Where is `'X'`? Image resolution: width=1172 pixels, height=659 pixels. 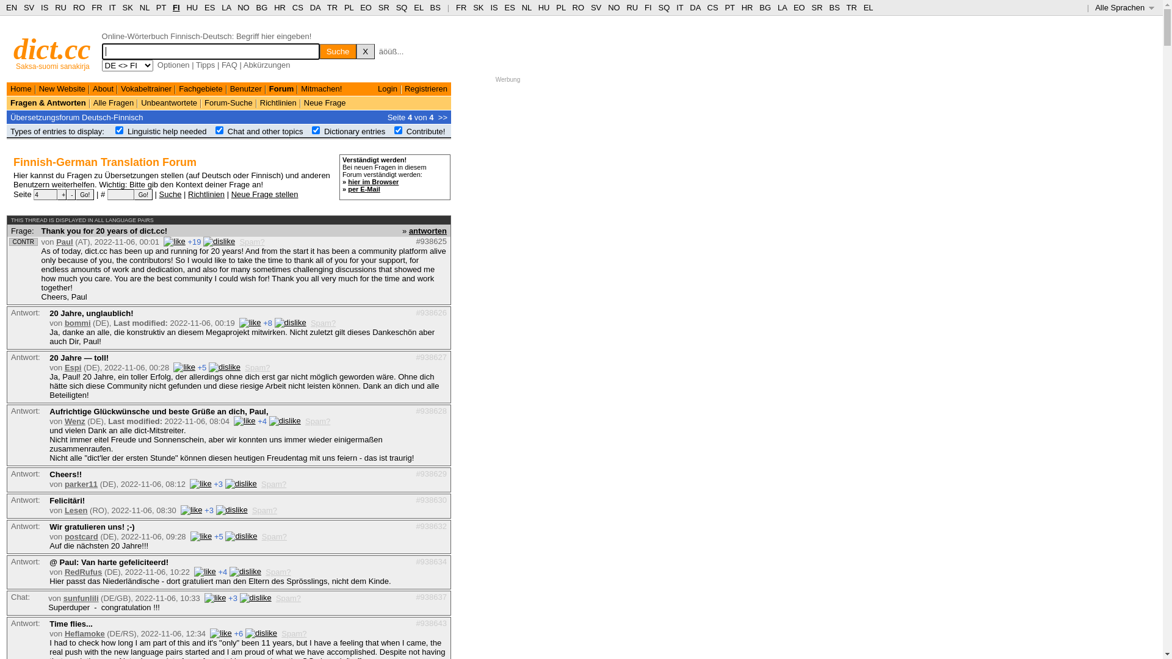
'X' is located at coordinates (356, 51).